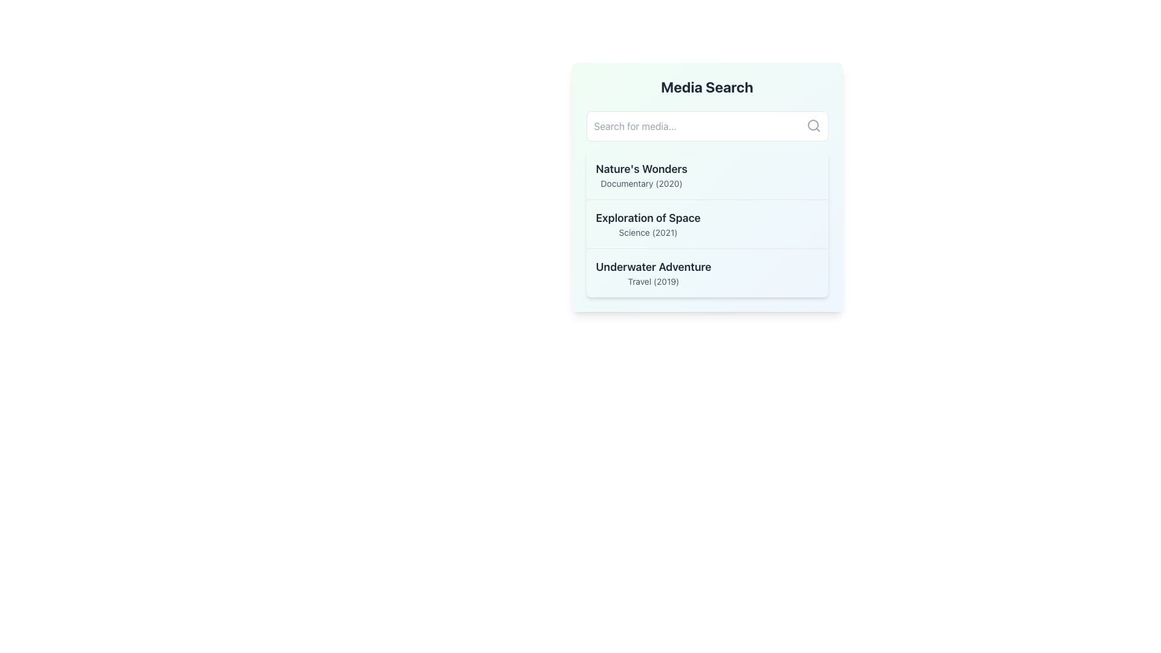 The image size is (1161, 653). What do you see at coordinates (707, 224) in the screenshot?
I see `the list item for 'Exploration of Space'` at bounding box center [707, 224].